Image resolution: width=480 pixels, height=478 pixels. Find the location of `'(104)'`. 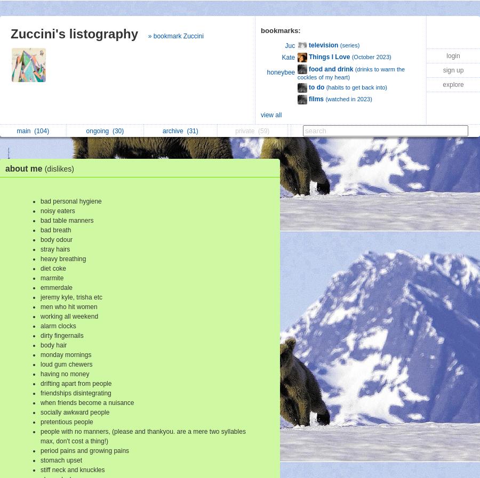

'(104)' is located at coordinates (33, 129).